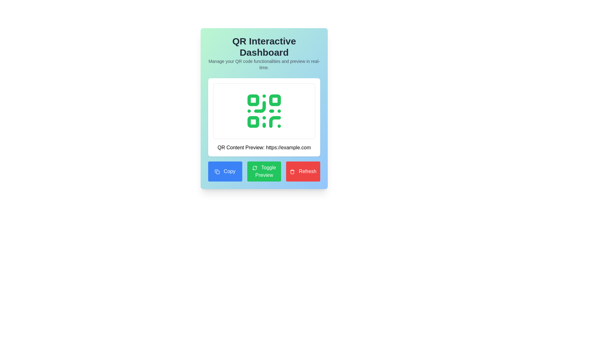  I want to click on the 'Copy' button, which is a blue button with white text and an icon of two overlapping rectangles, located in the first column of a three-column grid layout, so click(225, 171).